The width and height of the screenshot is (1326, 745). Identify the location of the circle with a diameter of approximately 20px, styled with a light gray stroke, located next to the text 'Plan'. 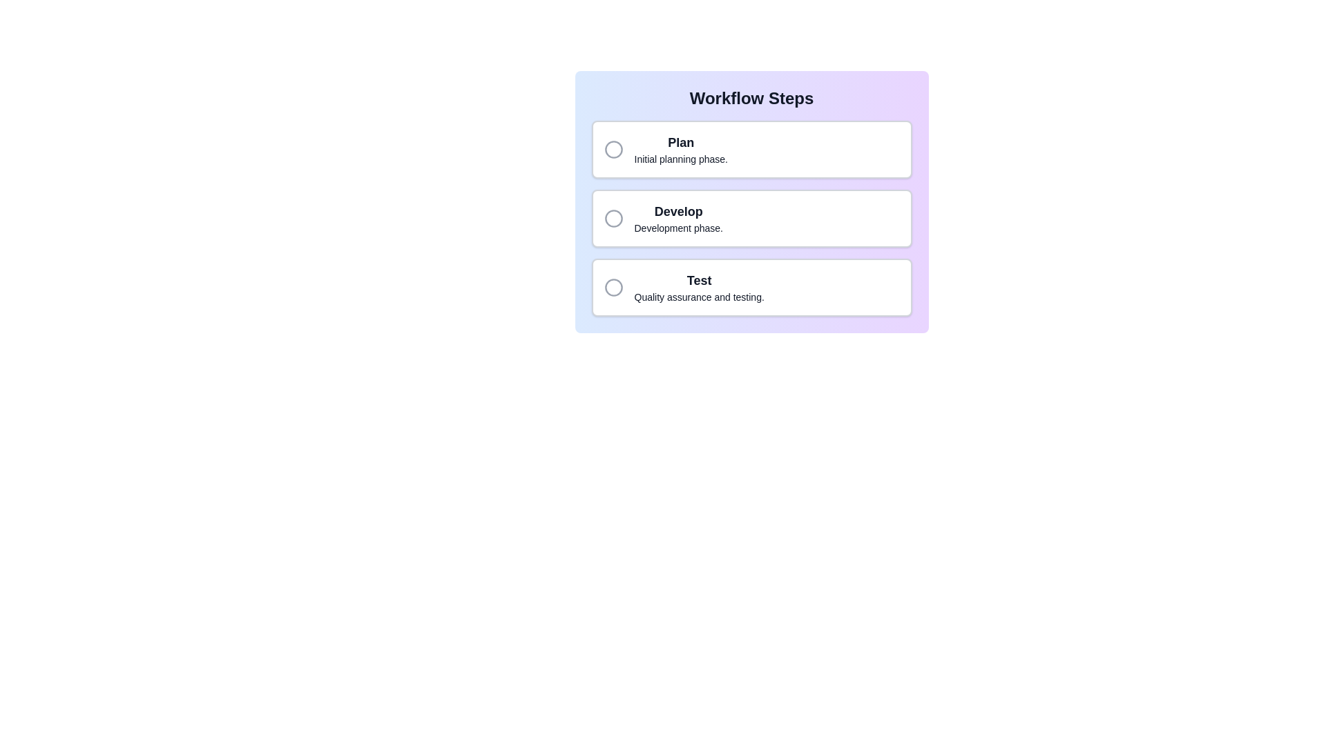
(613, 149).